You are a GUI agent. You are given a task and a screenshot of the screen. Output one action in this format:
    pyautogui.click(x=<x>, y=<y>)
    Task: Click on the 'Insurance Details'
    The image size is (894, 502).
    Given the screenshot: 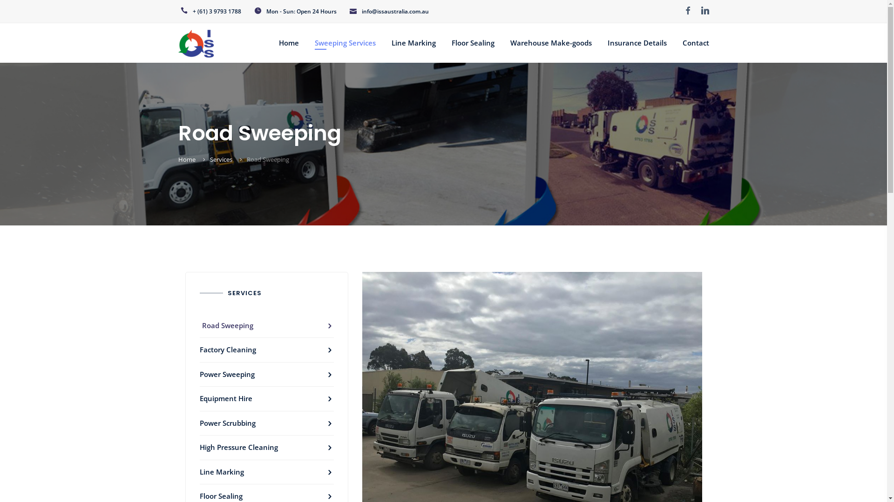 What is the action you would take?
    pyautogui.click(x=636, y=43)
    